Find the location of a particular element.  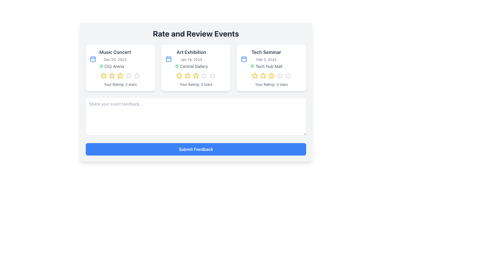

the first yellow star icon in the rating system under the 'Music Concert' card is located at coordinates (104, 76).